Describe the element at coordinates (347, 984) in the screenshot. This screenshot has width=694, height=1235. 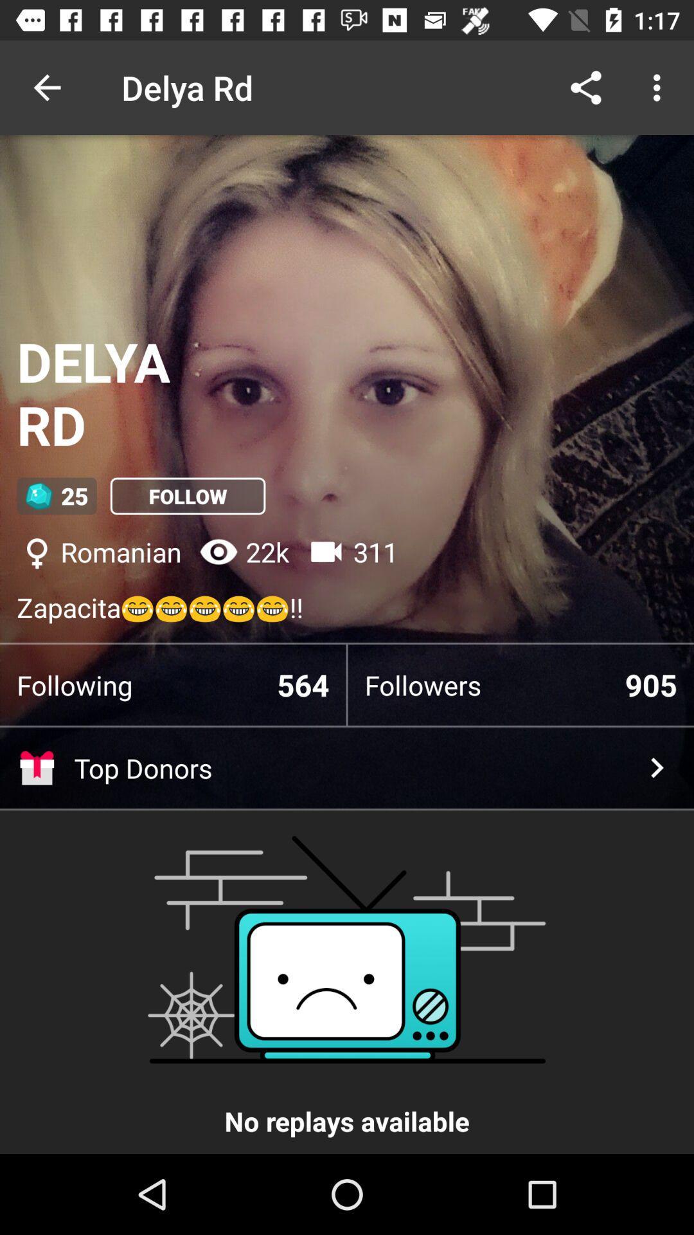
I see `the no replays available item` at that location.